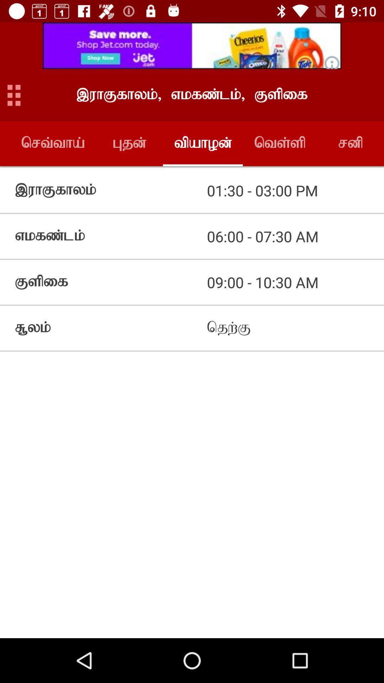 The width and height of the screenshot is (384, 683). I want to click on om tamil calendar-view button, so click(14, 95).